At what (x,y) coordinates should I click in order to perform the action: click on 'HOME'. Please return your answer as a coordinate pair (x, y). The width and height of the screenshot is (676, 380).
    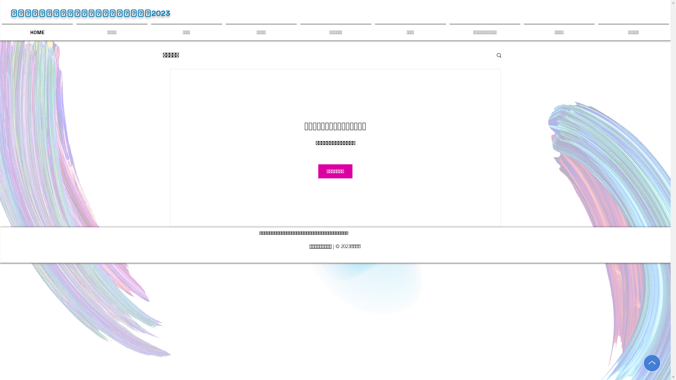
    Looking at the image, I should click on (37, 29).